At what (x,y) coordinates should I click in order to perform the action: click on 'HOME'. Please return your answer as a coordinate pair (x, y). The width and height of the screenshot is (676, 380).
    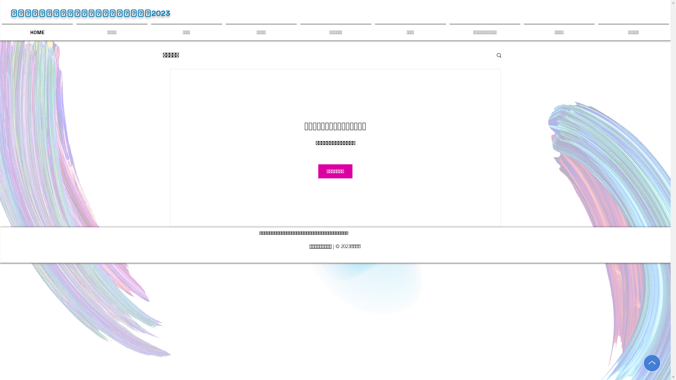
    Looking at the image, I should click on (37, 29).